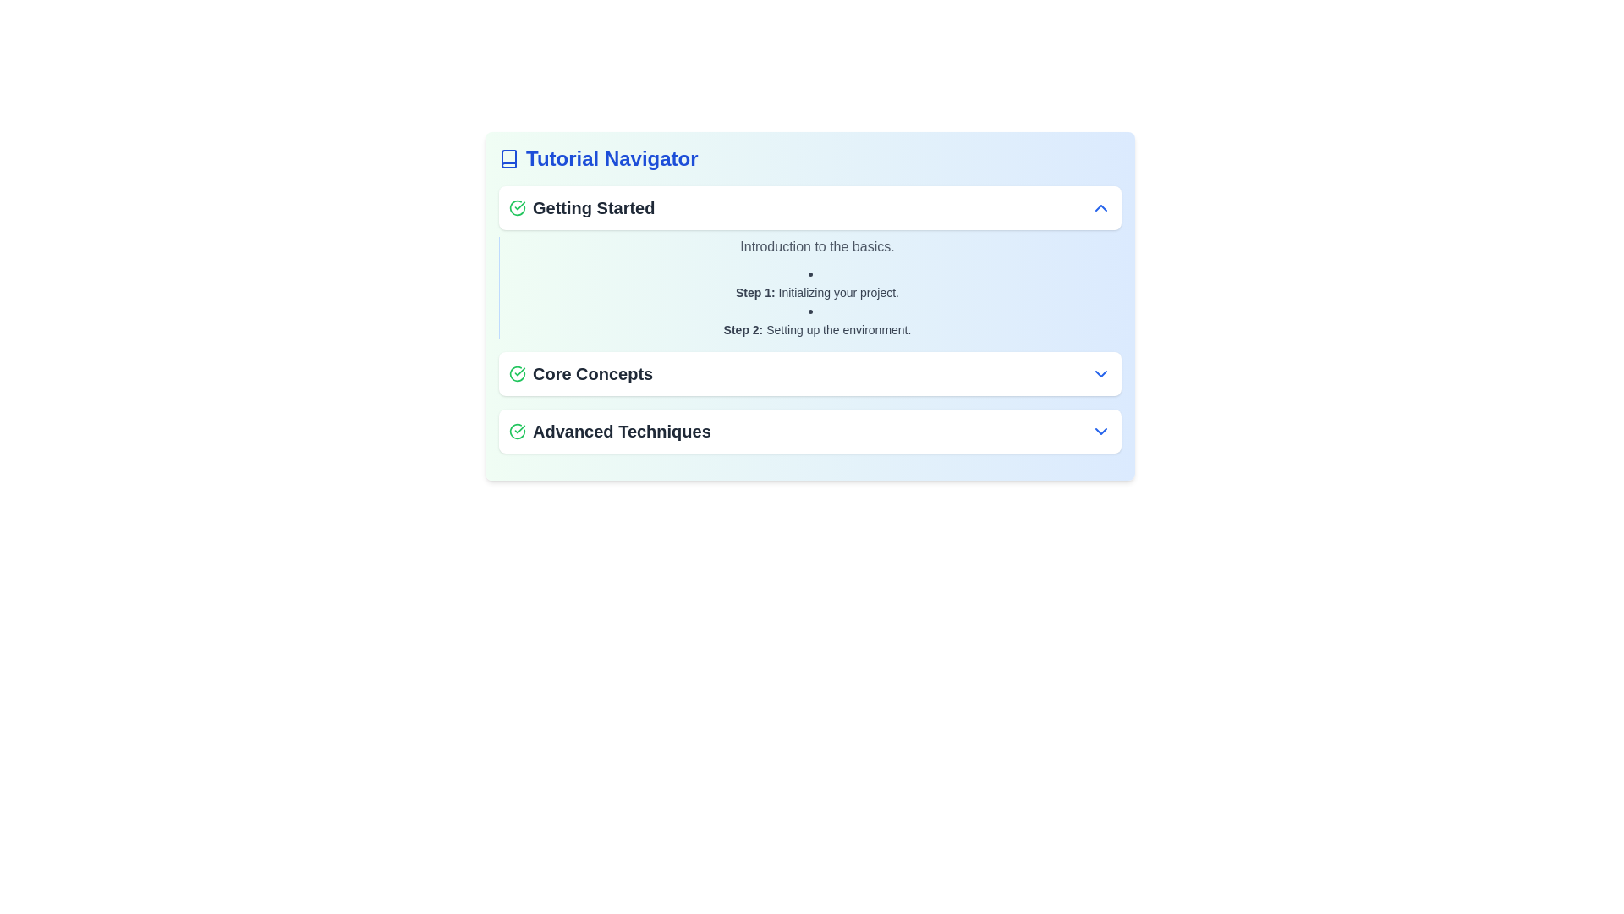 Image resolution: width=1624 pixels, height=914 pixels. I want to click on the text label displaying 'Step 1: Initializing your project.' to emphasize it as part of the instructional list, so click(817, 282).